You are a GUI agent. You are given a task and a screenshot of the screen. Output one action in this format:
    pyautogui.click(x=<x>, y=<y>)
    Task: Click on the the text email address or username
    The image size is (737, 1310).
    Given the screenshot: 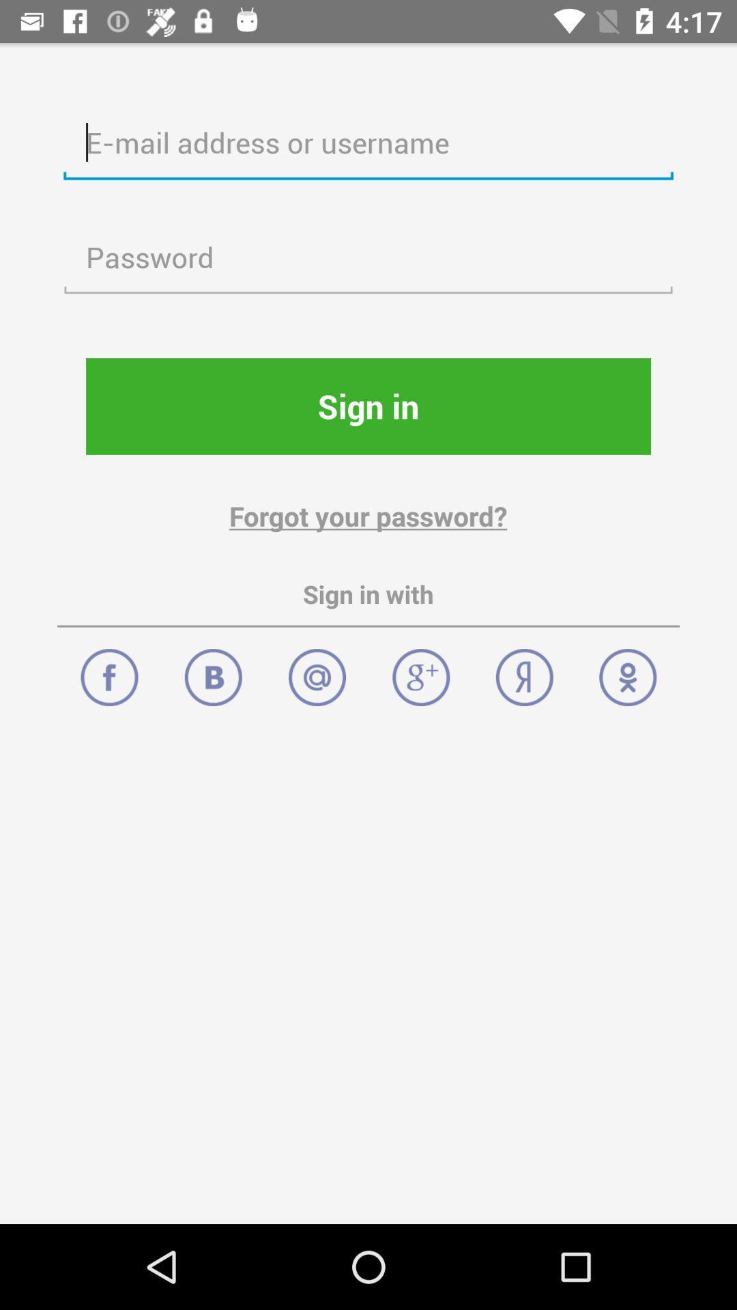 What is the action you would take?
    pyautogui.click(x=369, y=143)
    